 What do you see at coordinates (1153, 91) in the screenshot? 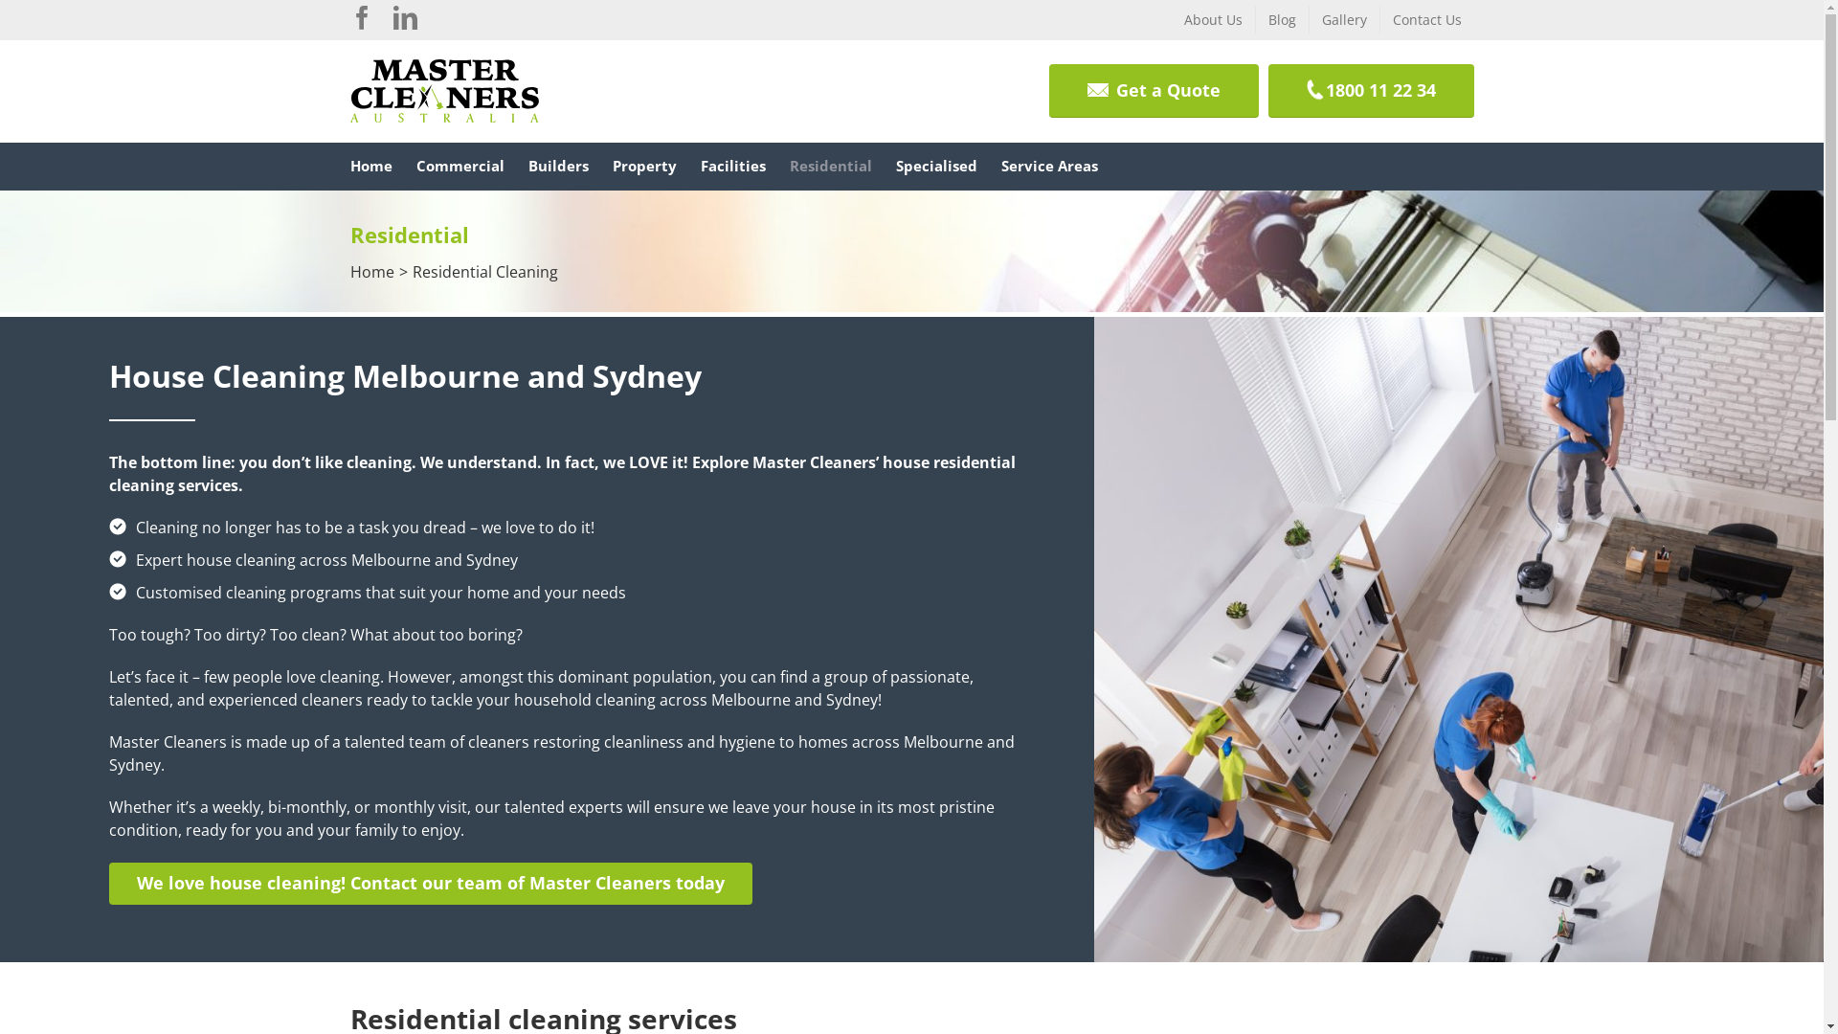
I see `'Get a Quote'` at bounding box center [1153, 91].